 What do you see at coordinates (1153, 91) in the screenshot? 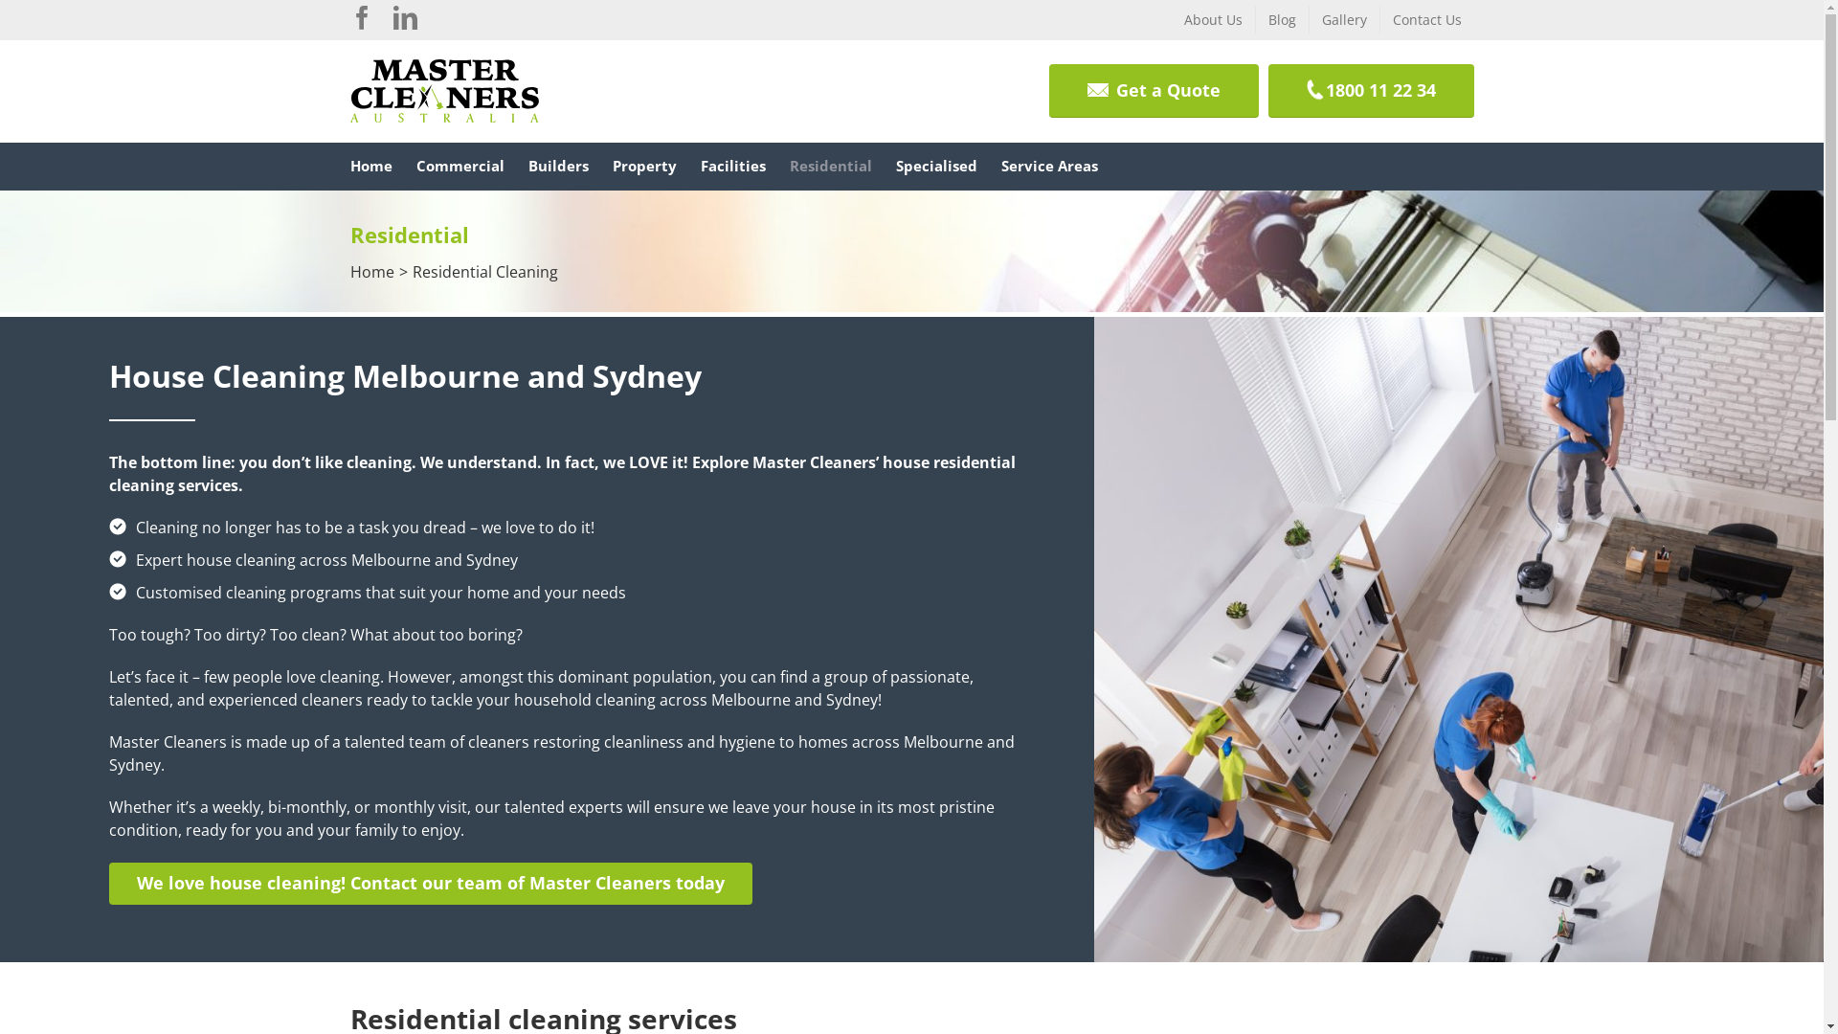
I see `'Get a Quote'` at bounding box center [1153, 91].